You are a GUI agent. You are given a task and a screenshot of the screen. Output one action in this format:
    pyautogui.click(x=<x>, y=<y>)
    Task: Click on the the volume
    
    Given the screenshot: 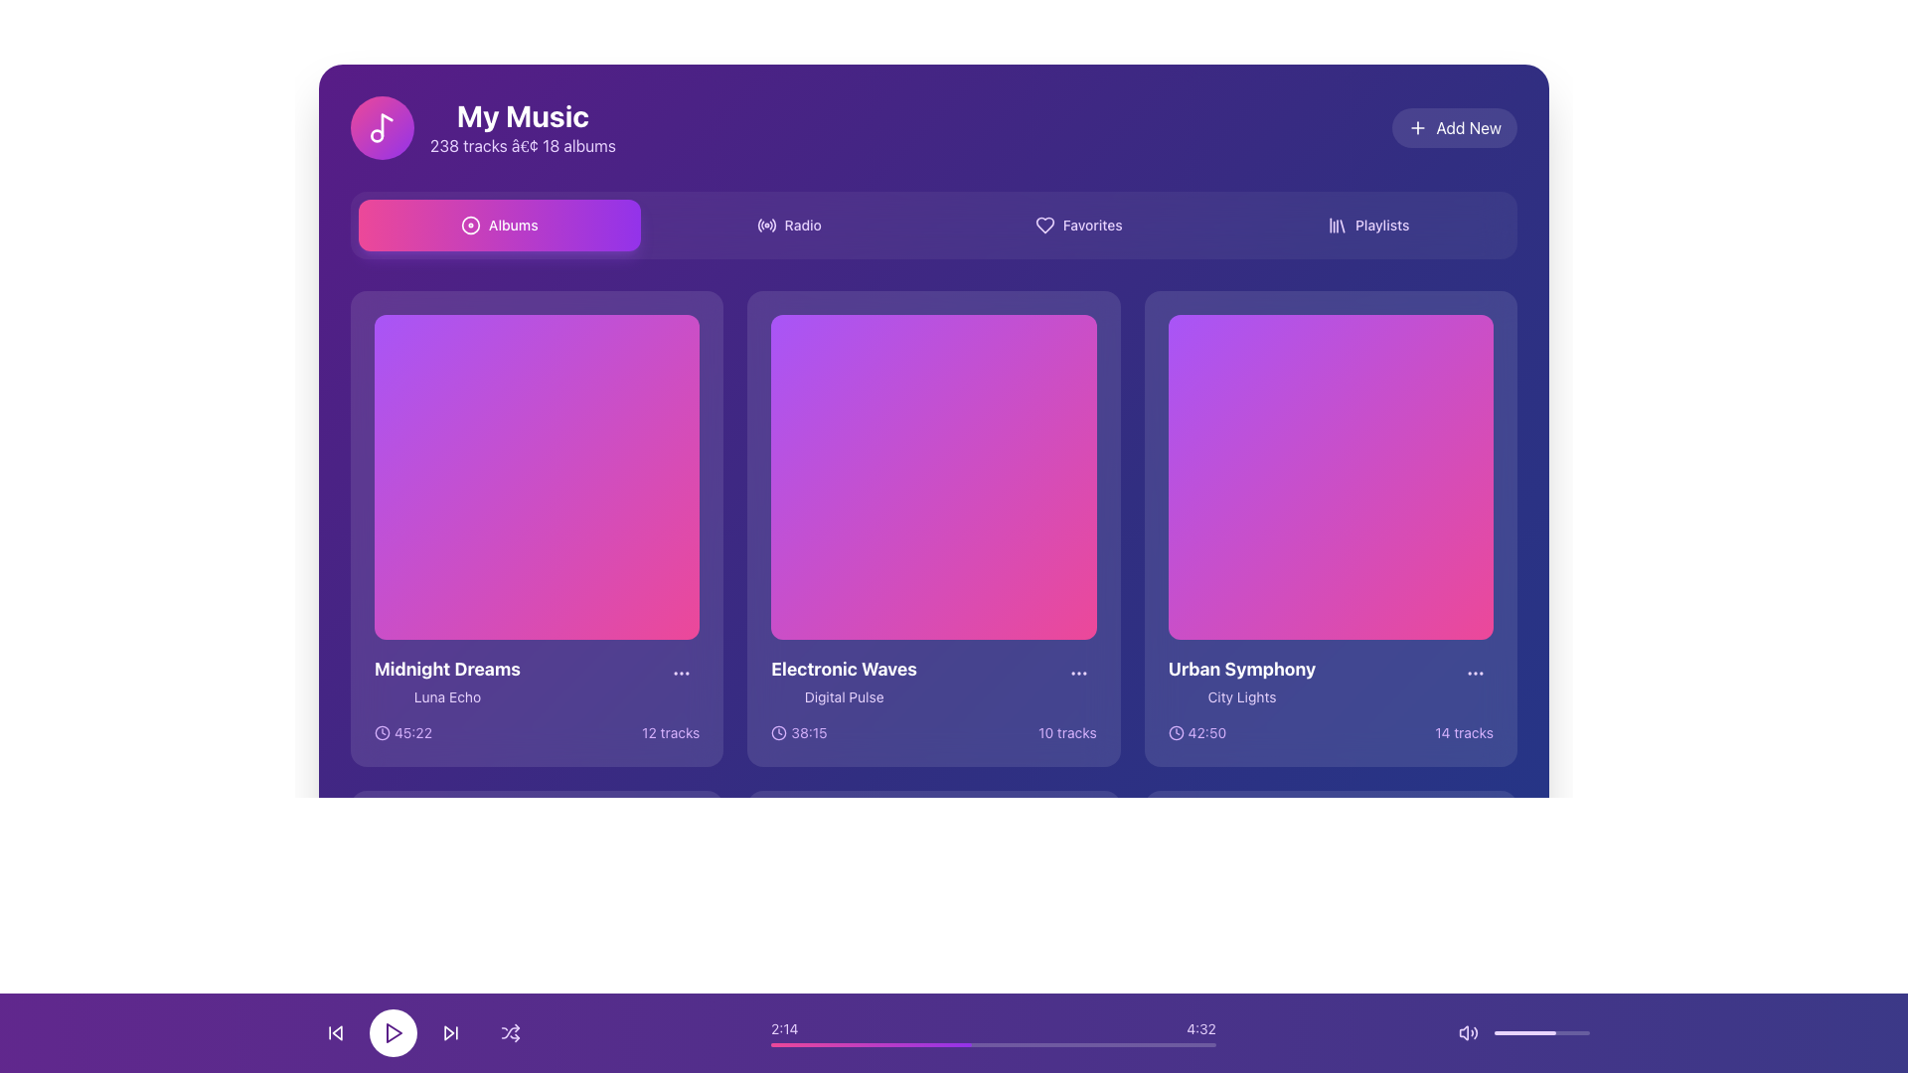 What is the action you would take?
    pyautogui.click(x=1519, y=1032)
    